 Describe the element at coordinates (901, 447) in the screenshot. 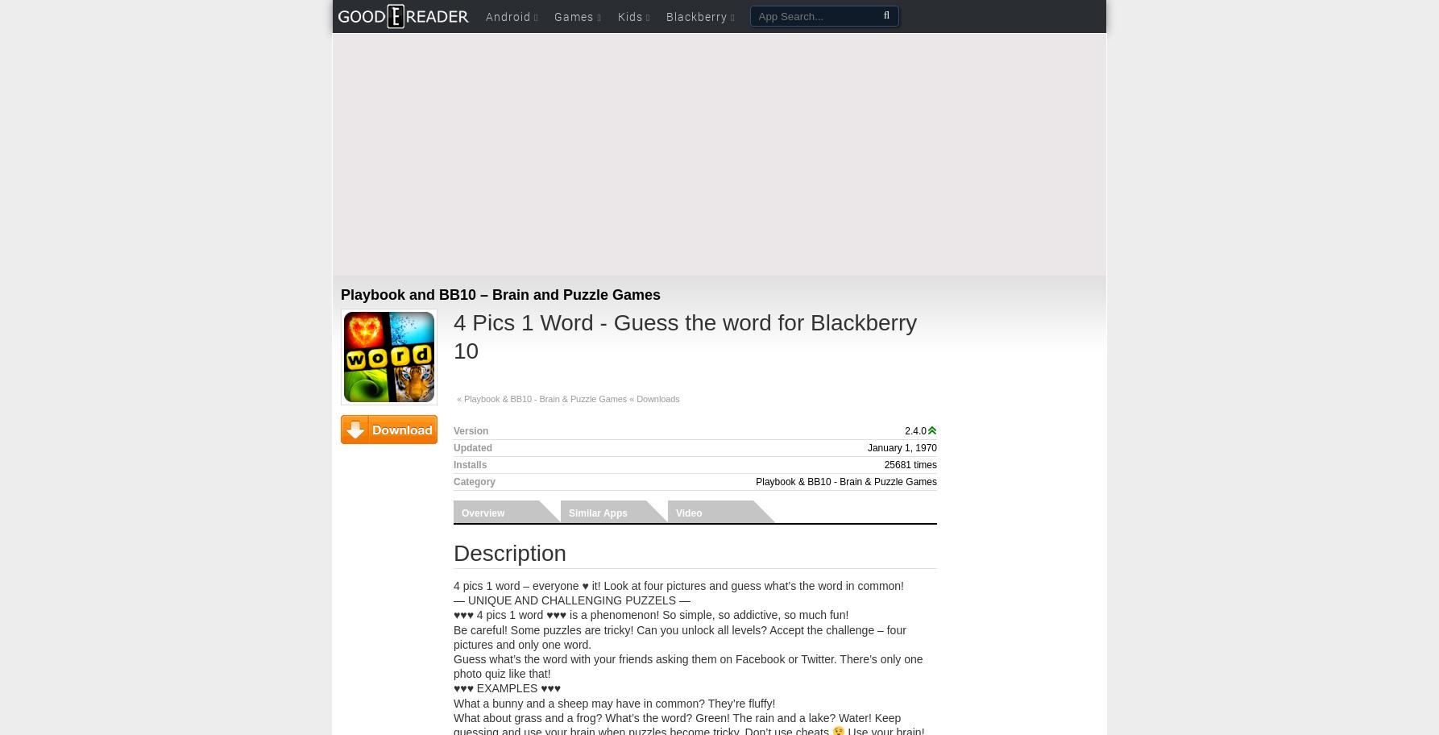

I see `'January 1, 1970'` at that location.